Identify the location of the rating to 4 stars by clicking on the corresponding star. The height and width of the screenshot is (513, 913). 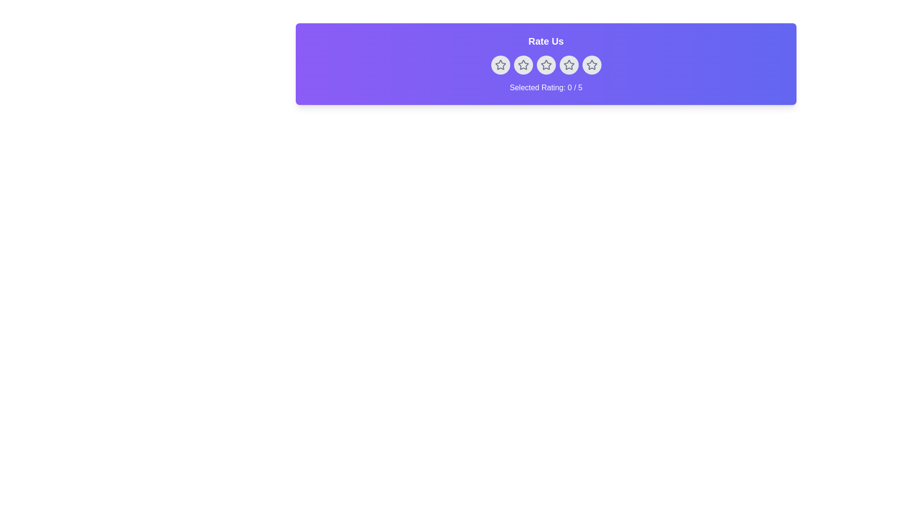
(569, 65).